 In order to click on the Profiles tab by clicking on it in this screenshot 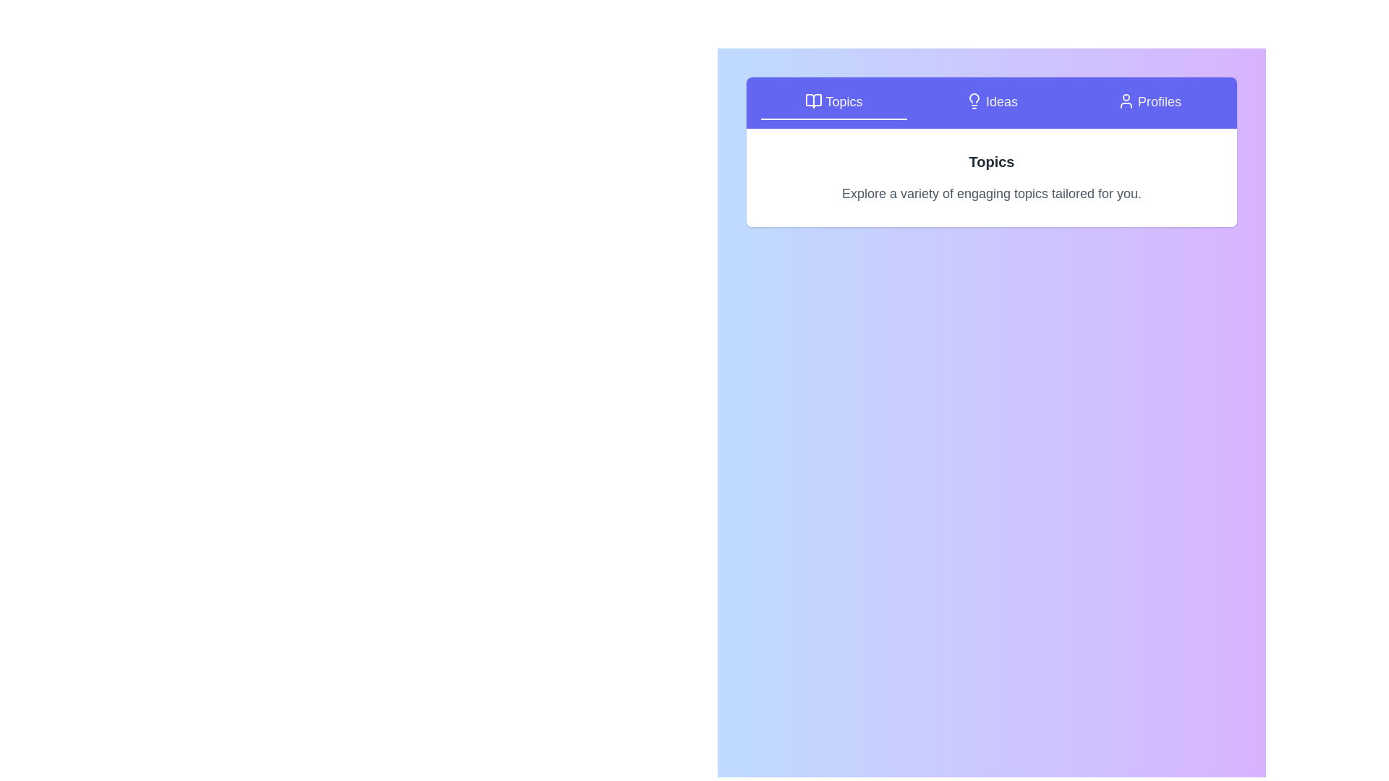, I will do `click(1148, 102)`.